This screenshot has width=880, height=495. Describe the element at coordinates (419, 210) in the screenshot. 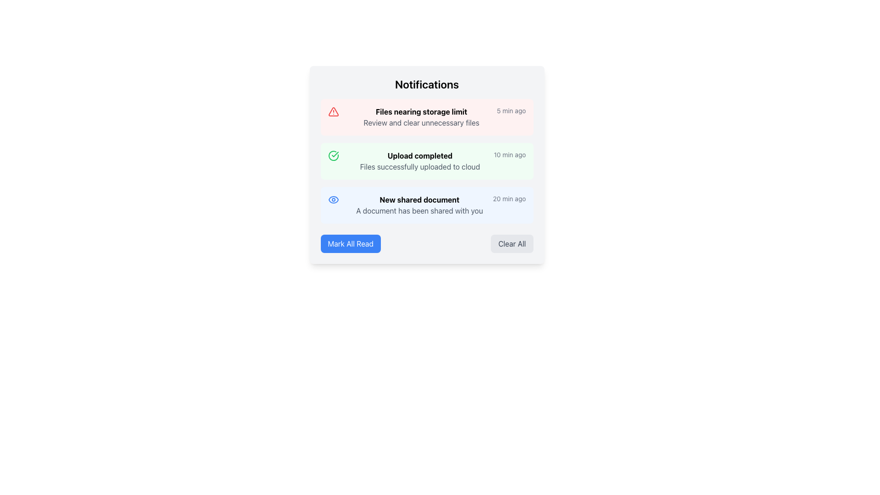

I see `the subtitle text that provides additional information about the 'New shared document' notification, located below the main notification text in the third notification of the vertically-stacked notification list` at that location.